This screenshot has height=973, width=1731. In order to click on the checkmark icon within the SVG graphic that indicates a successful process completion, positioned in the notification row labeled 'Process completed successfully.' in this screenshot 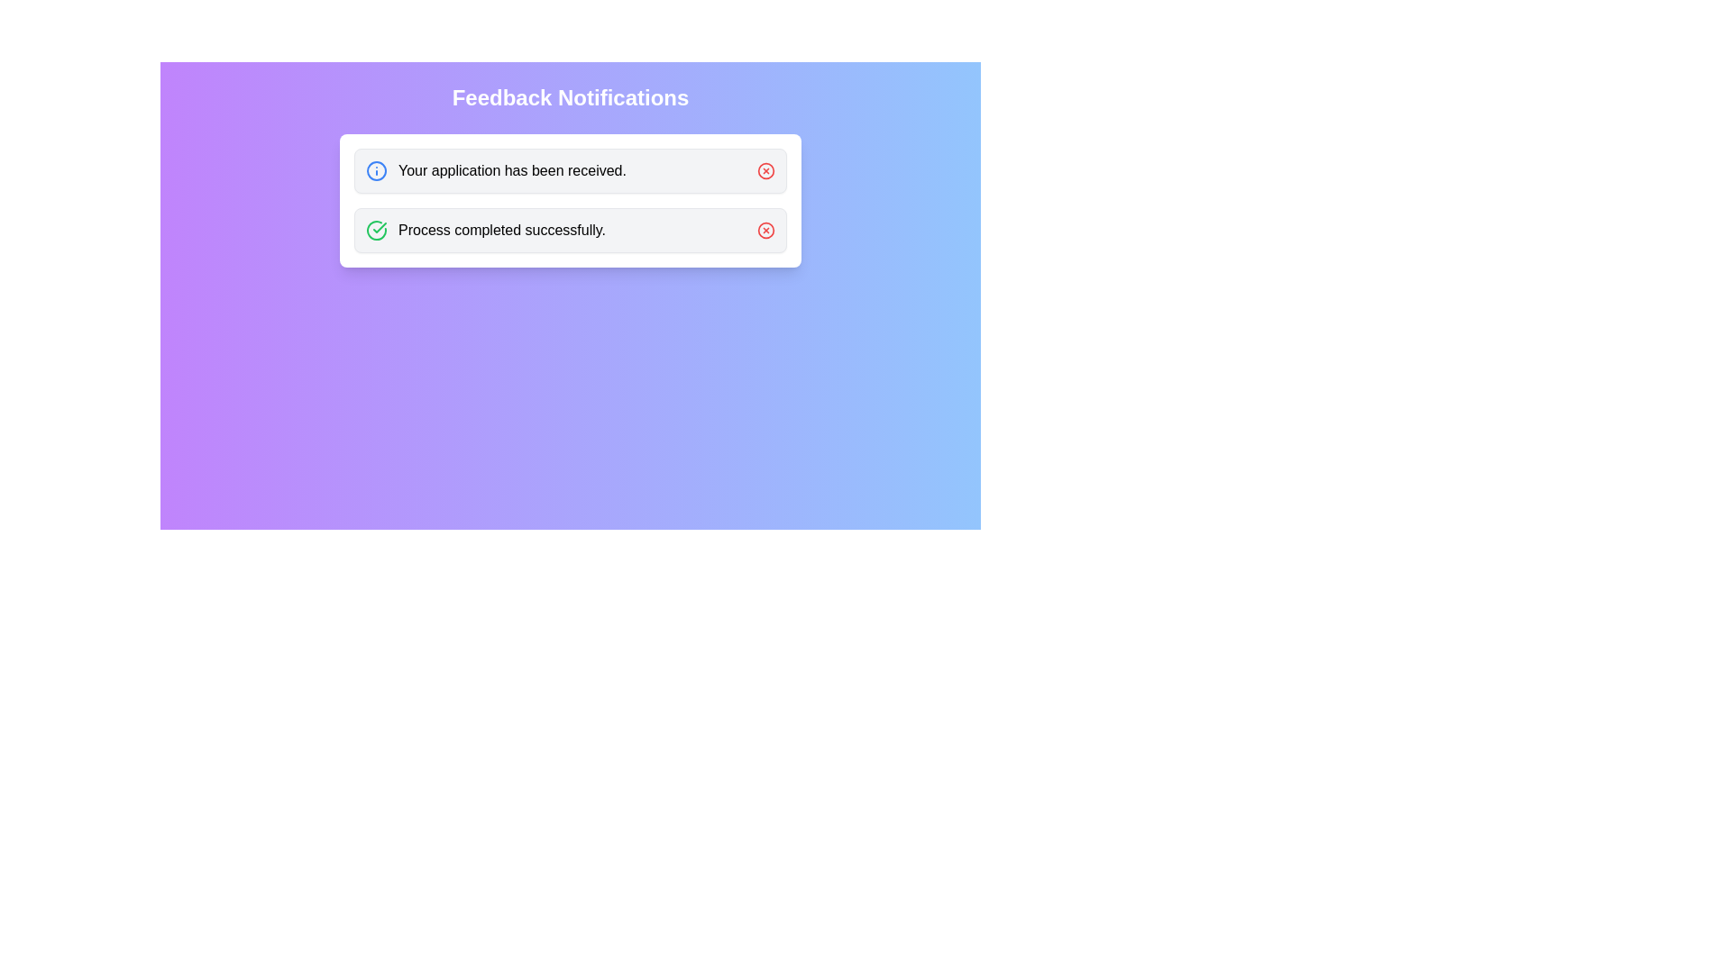, I will do `click(379, 227)`.